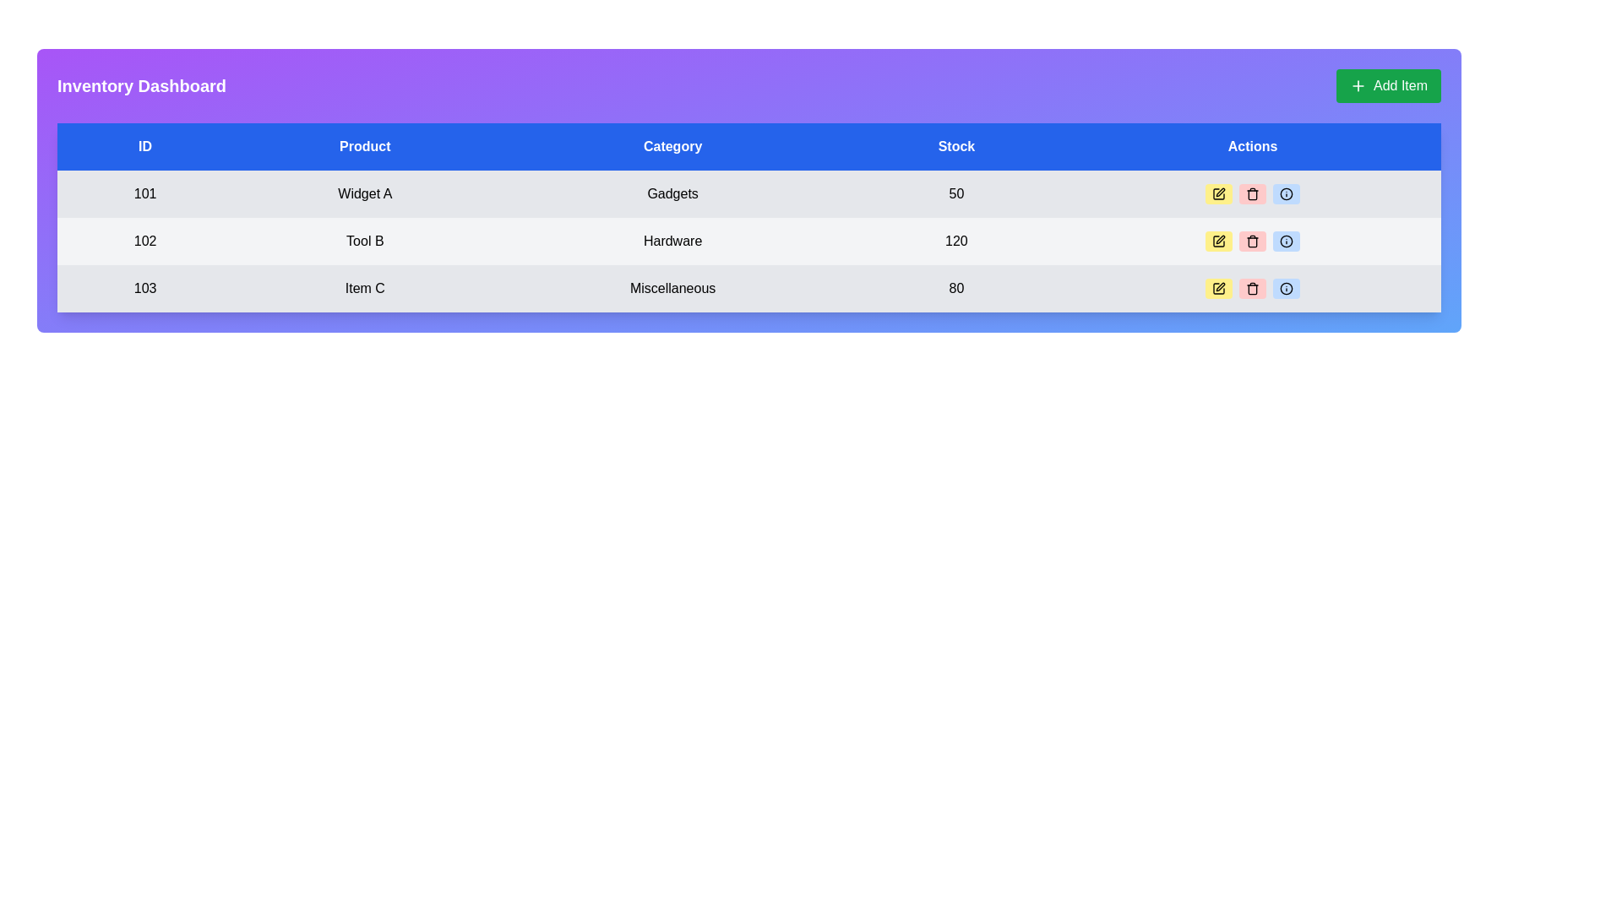  I want to click on the yellow rectangular button with a pen icon located in the 'Actions' column of the first row in the table, so click(1219, 193).